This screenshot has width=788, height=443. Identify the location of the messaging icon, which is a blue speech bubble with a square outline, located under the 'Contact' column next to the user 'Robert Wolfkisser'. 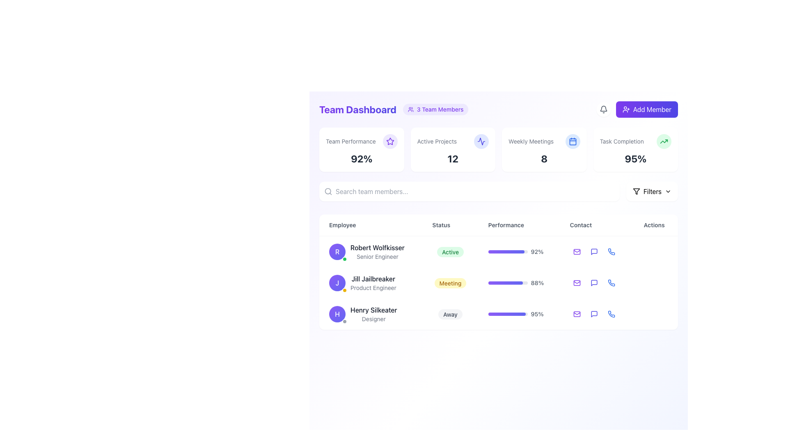
(594, 251).